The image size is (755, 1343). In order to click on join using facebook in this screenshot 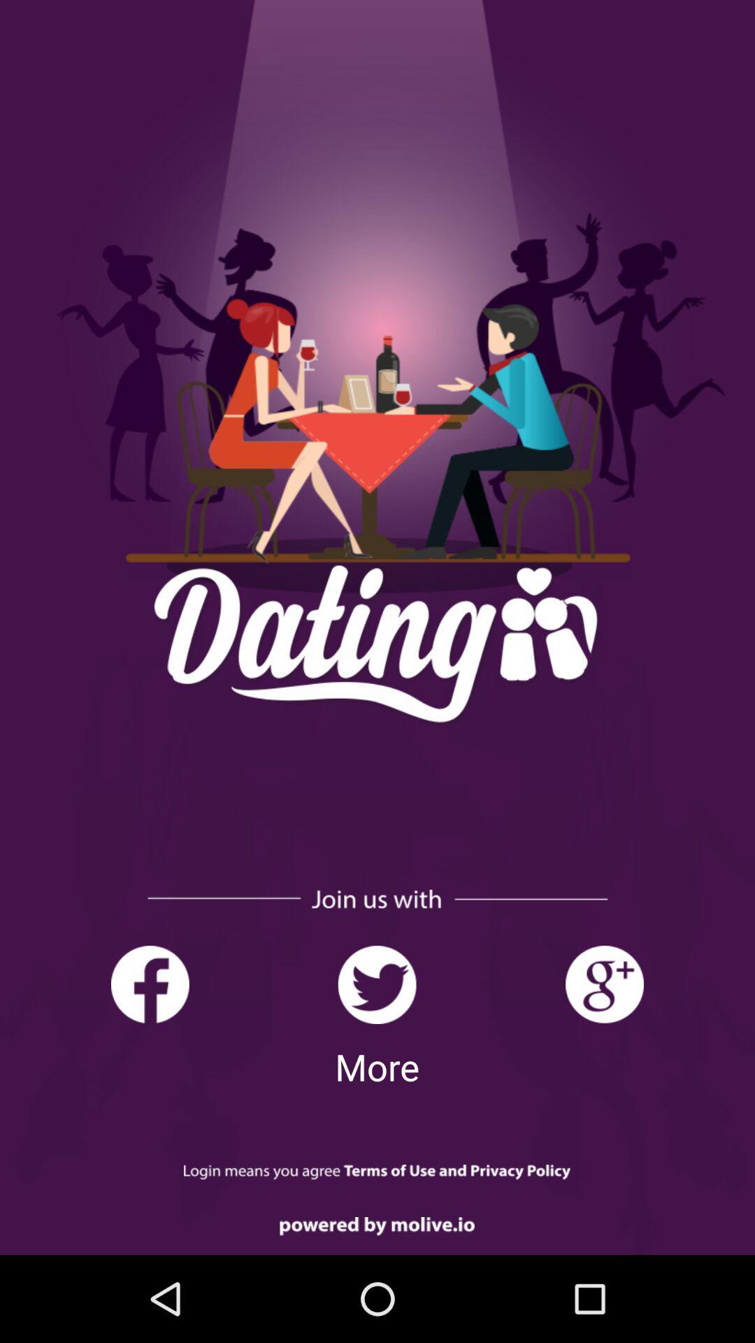, I will do `click(150, 984)`.